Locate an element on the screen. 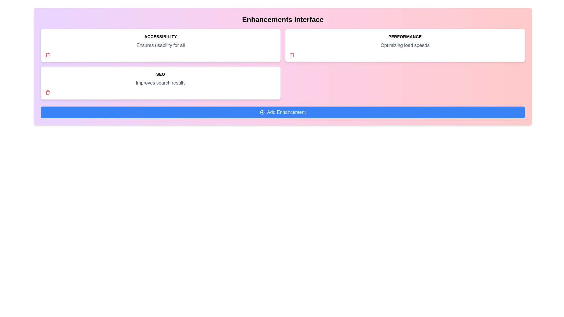  the trash icon of the tag named Performance to remove it is located at coordinates (292, 55).